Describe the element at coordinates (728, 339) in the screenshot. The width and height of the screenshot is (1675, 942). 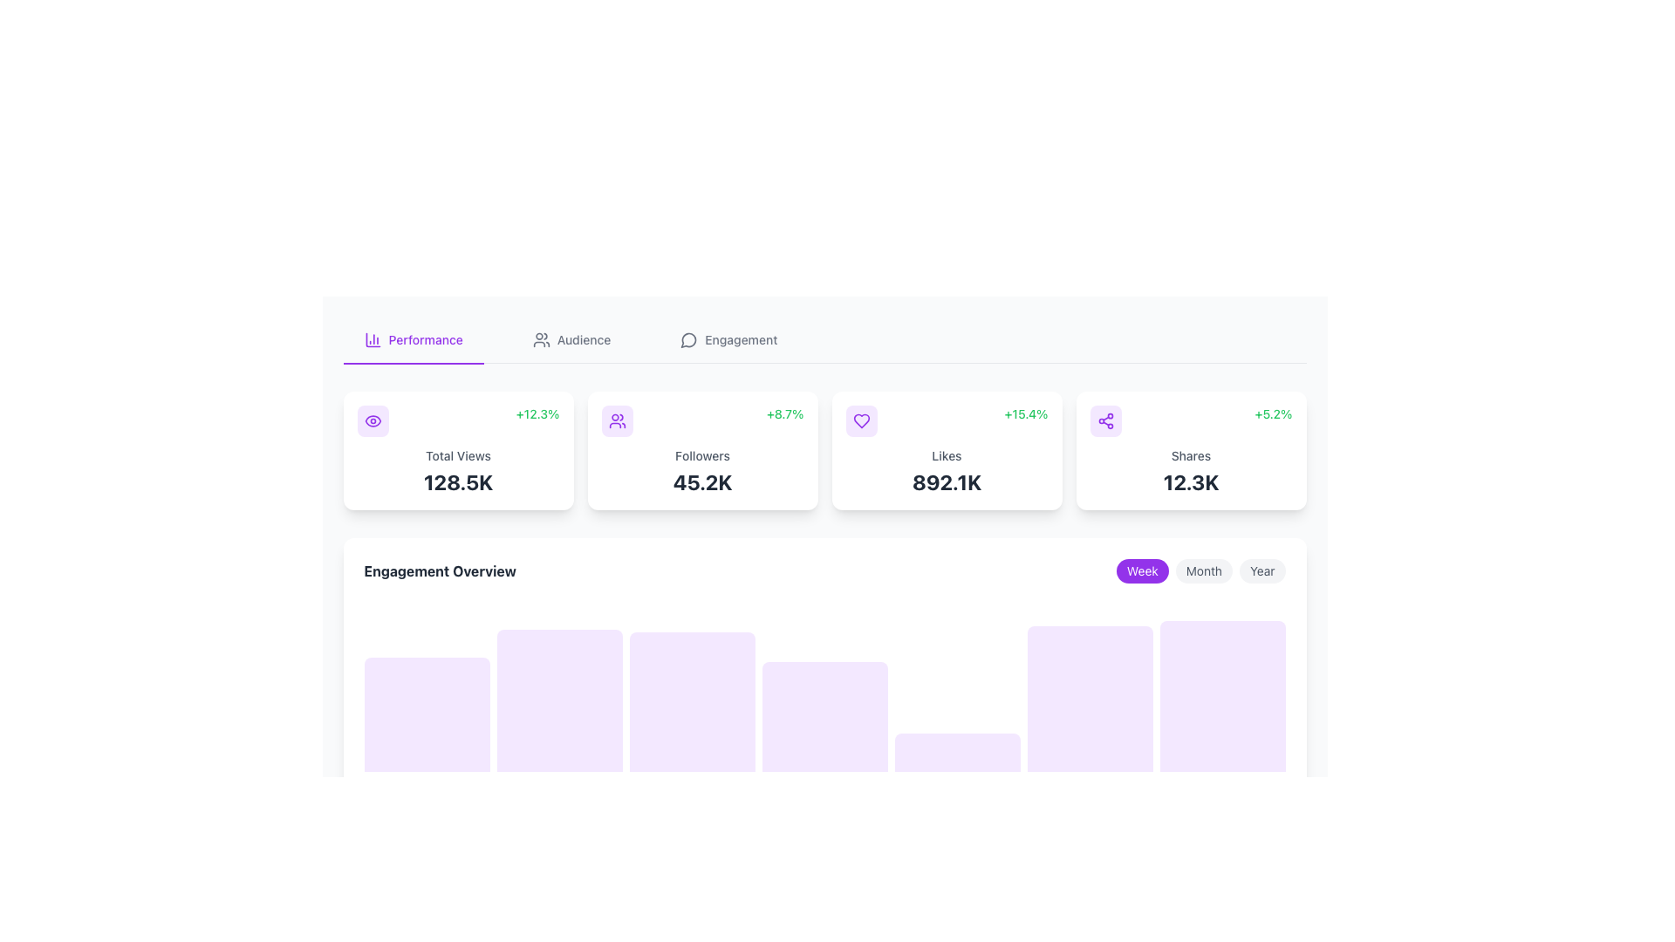
I see `the 'Engagement' tab, which is the third tab in the horizontal list located just below the header` at that location.